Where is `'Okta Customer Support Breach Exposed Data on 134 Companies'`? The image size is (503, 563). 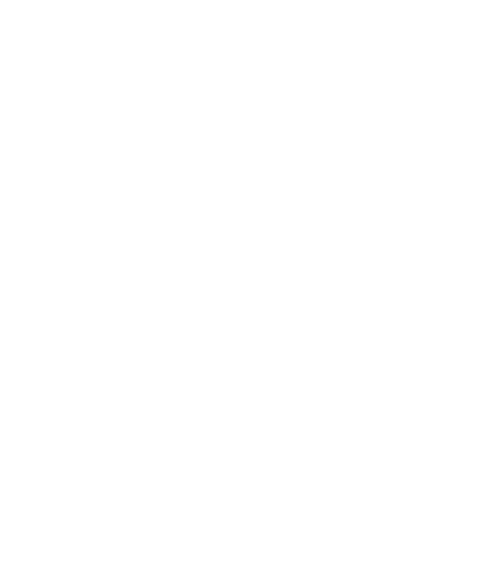 'Okta Customer Support Breach Exposed Data on 134 Companies' is located at coordinates (254, 274).